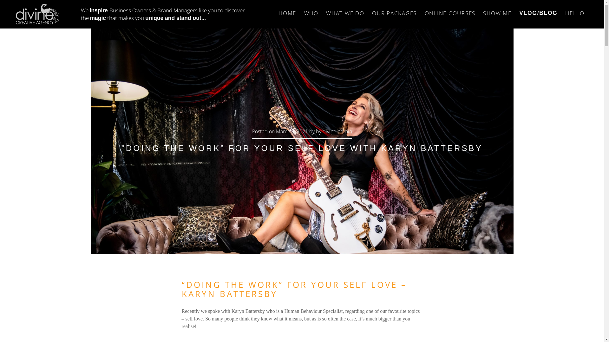  I want to click on 'VLOG/BLOG', so click(538, 10).